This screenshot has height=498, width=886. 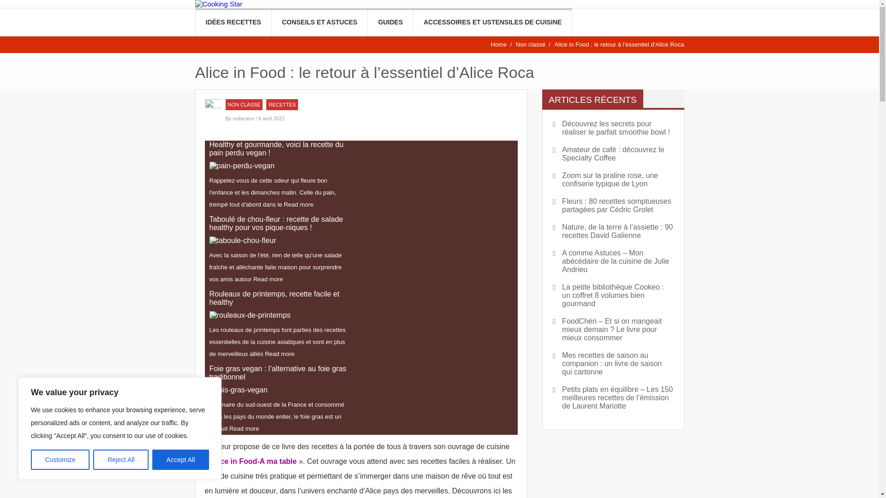 What do you see at coordinates (279, 148) in the screenshot?
I see `'Healthy et gourmande, voici la recette du pain perdu vegan !'` at bounding box center [279, 148].